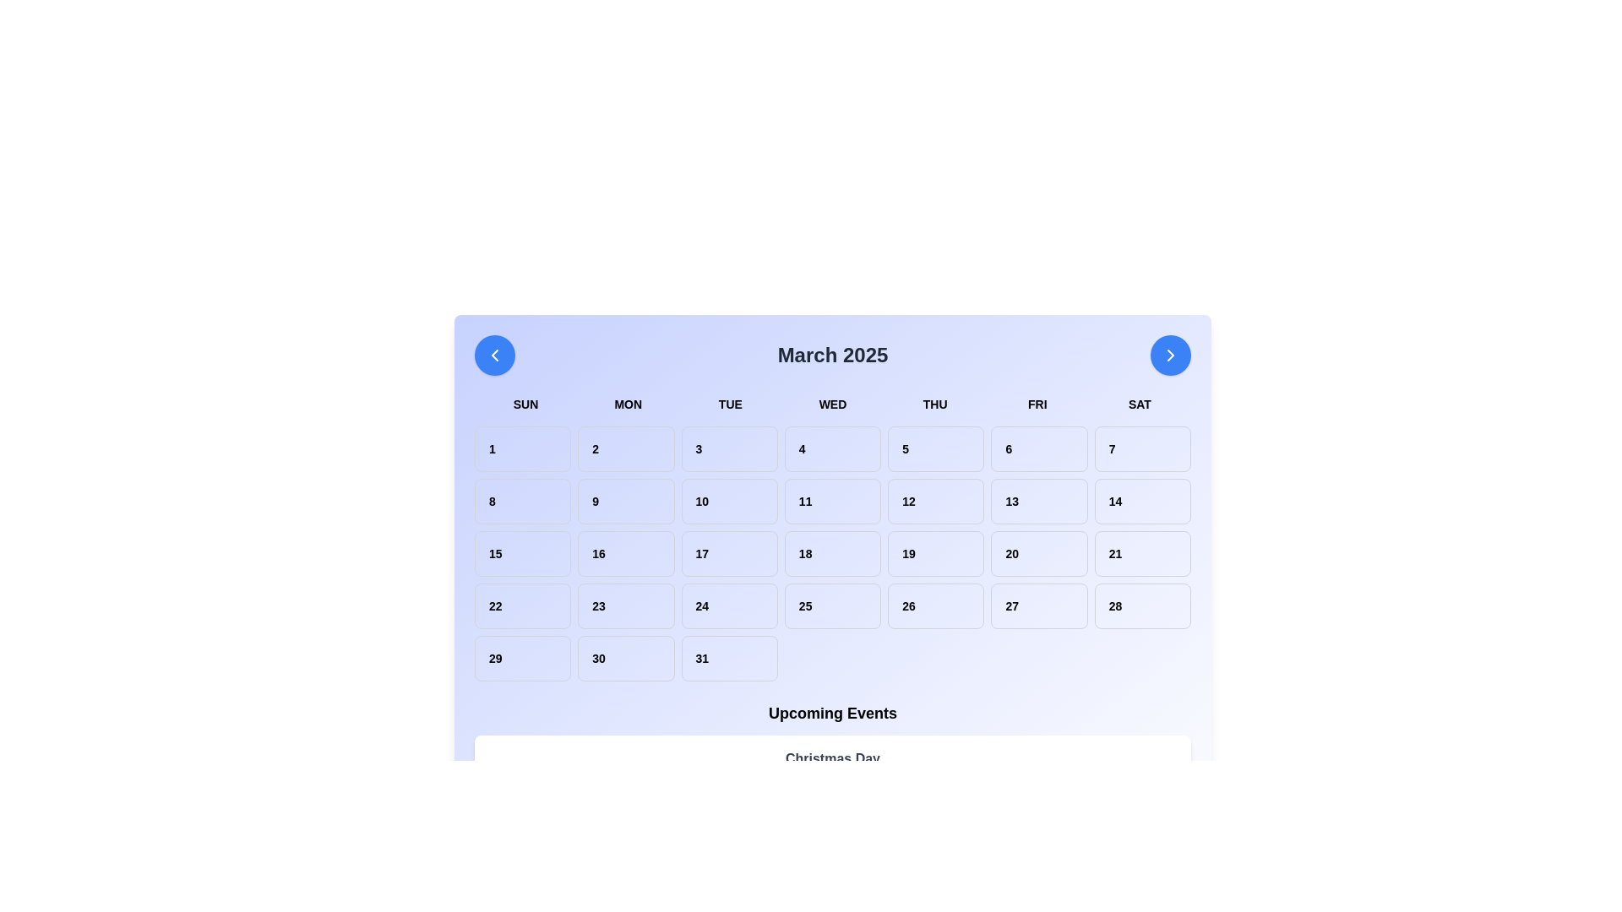  Describe the element at coordinates (1140, 404) in the screenshot. I see `text label 'Sat' which is displayed in bold uppercase letters at the top of the calendar interface, positioned as the seventh element in the row of days` at that location.